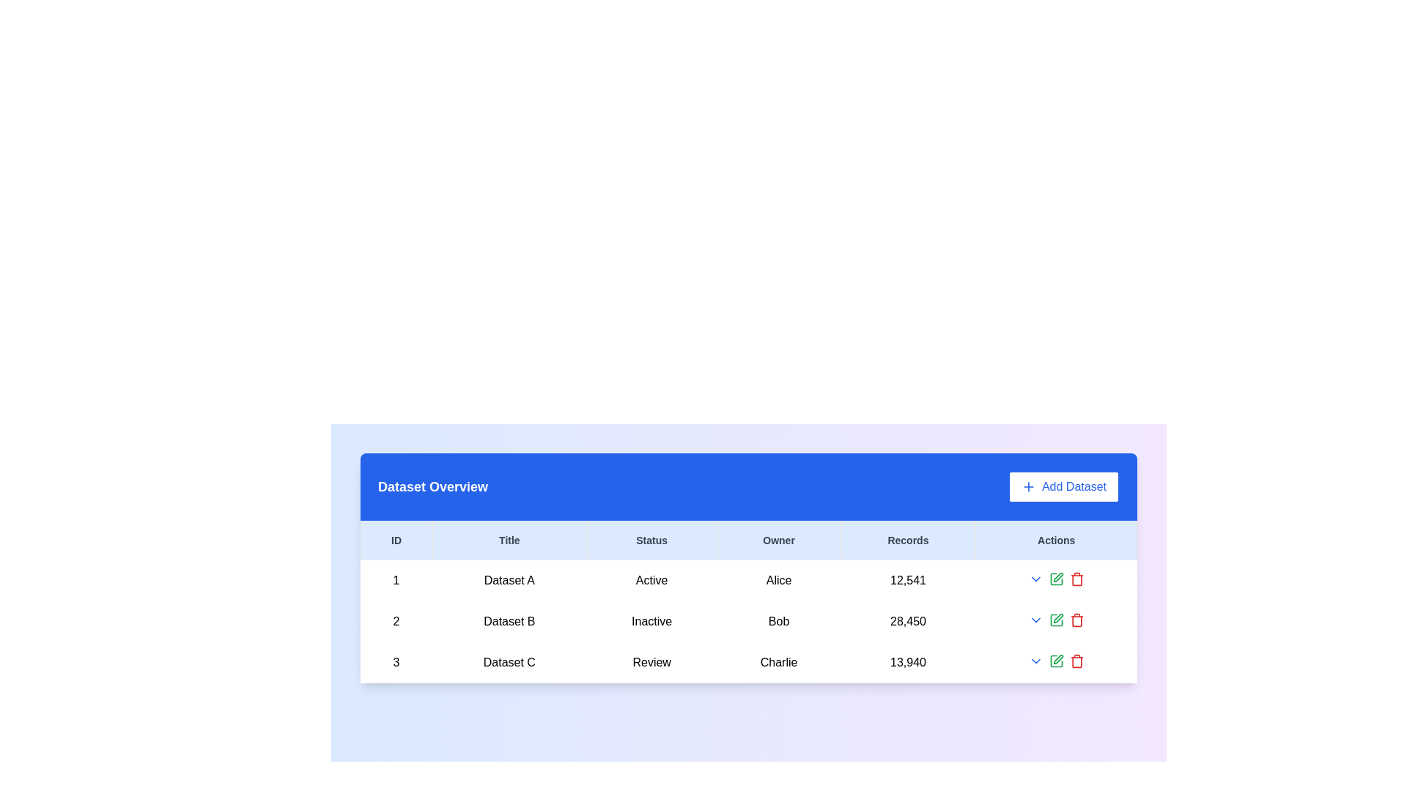 The height and width of the screenshot is (791, 1407). Describe the element at coordinates (907, 580) in the screenshot. I see `the Text display that shows the record count for the dataset entry located in the fifth column of the first row under the 'Dataset Overview' header` at that location.